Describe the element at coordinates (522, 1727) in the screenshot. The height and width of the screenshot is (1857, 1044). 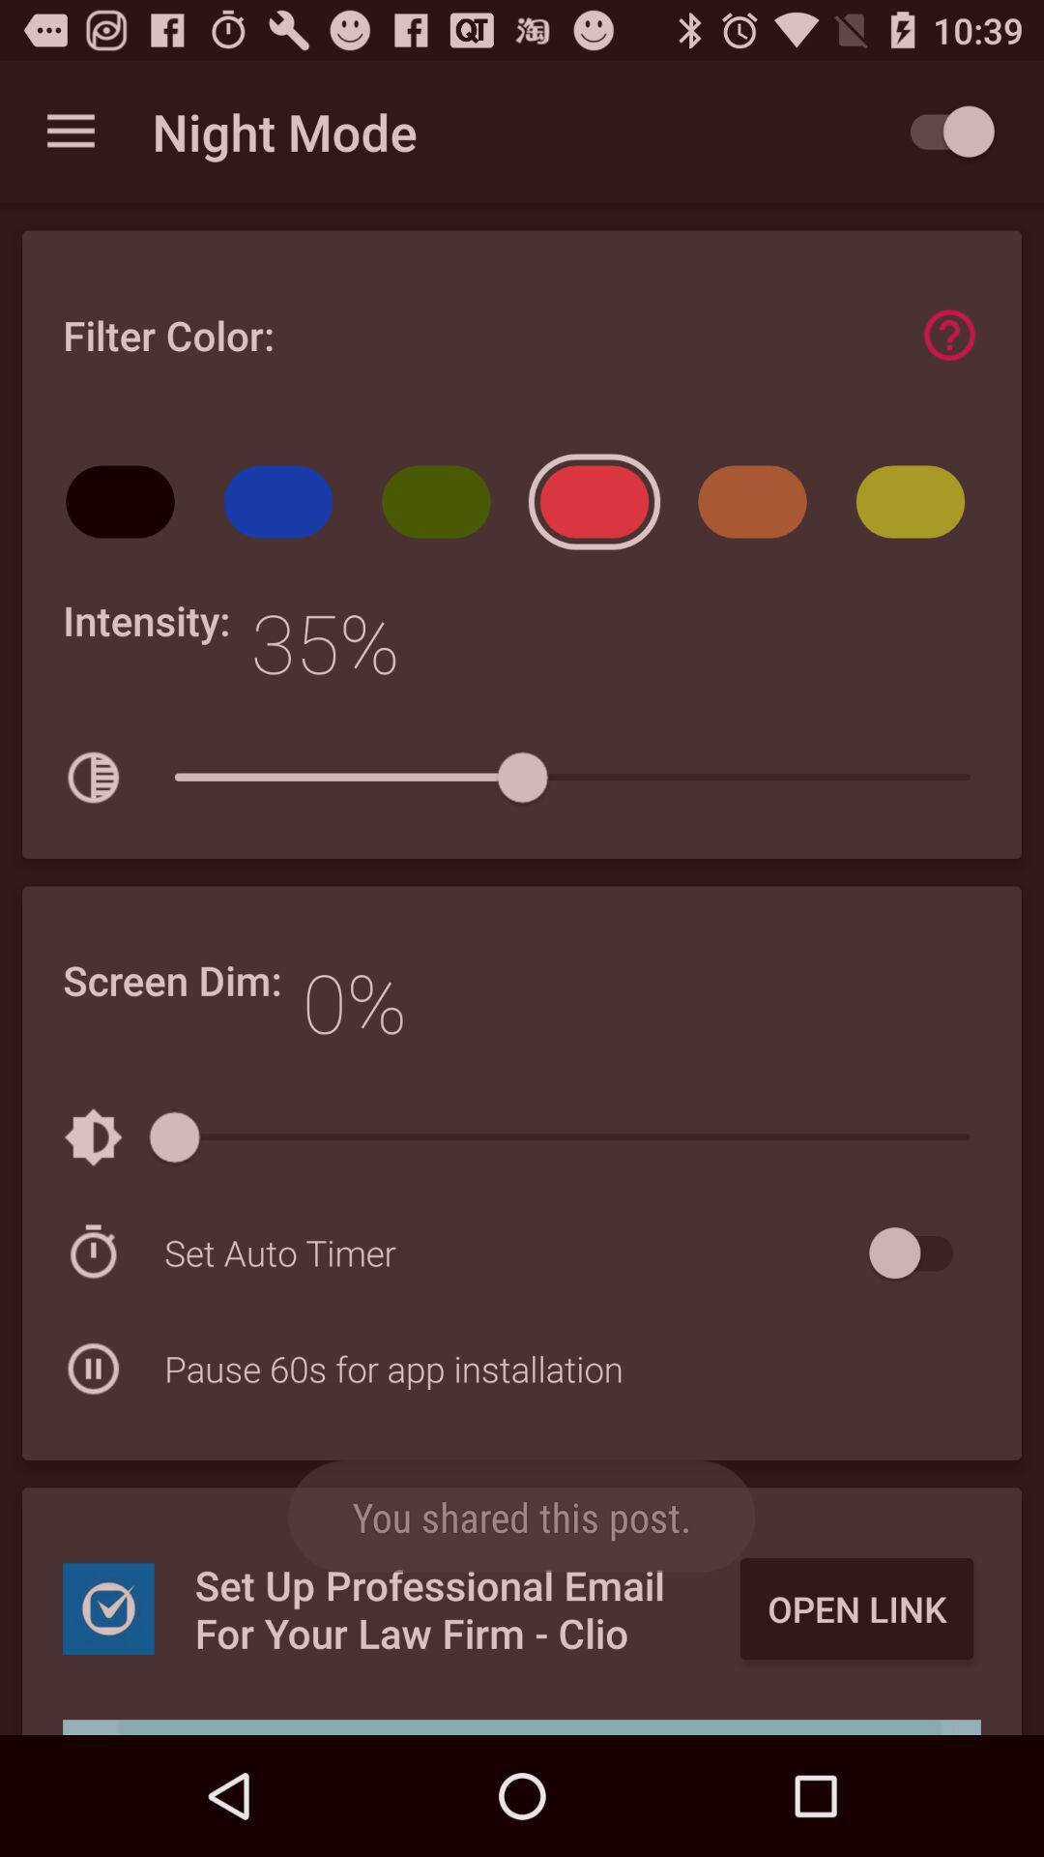
I see `downloading option` at that location.